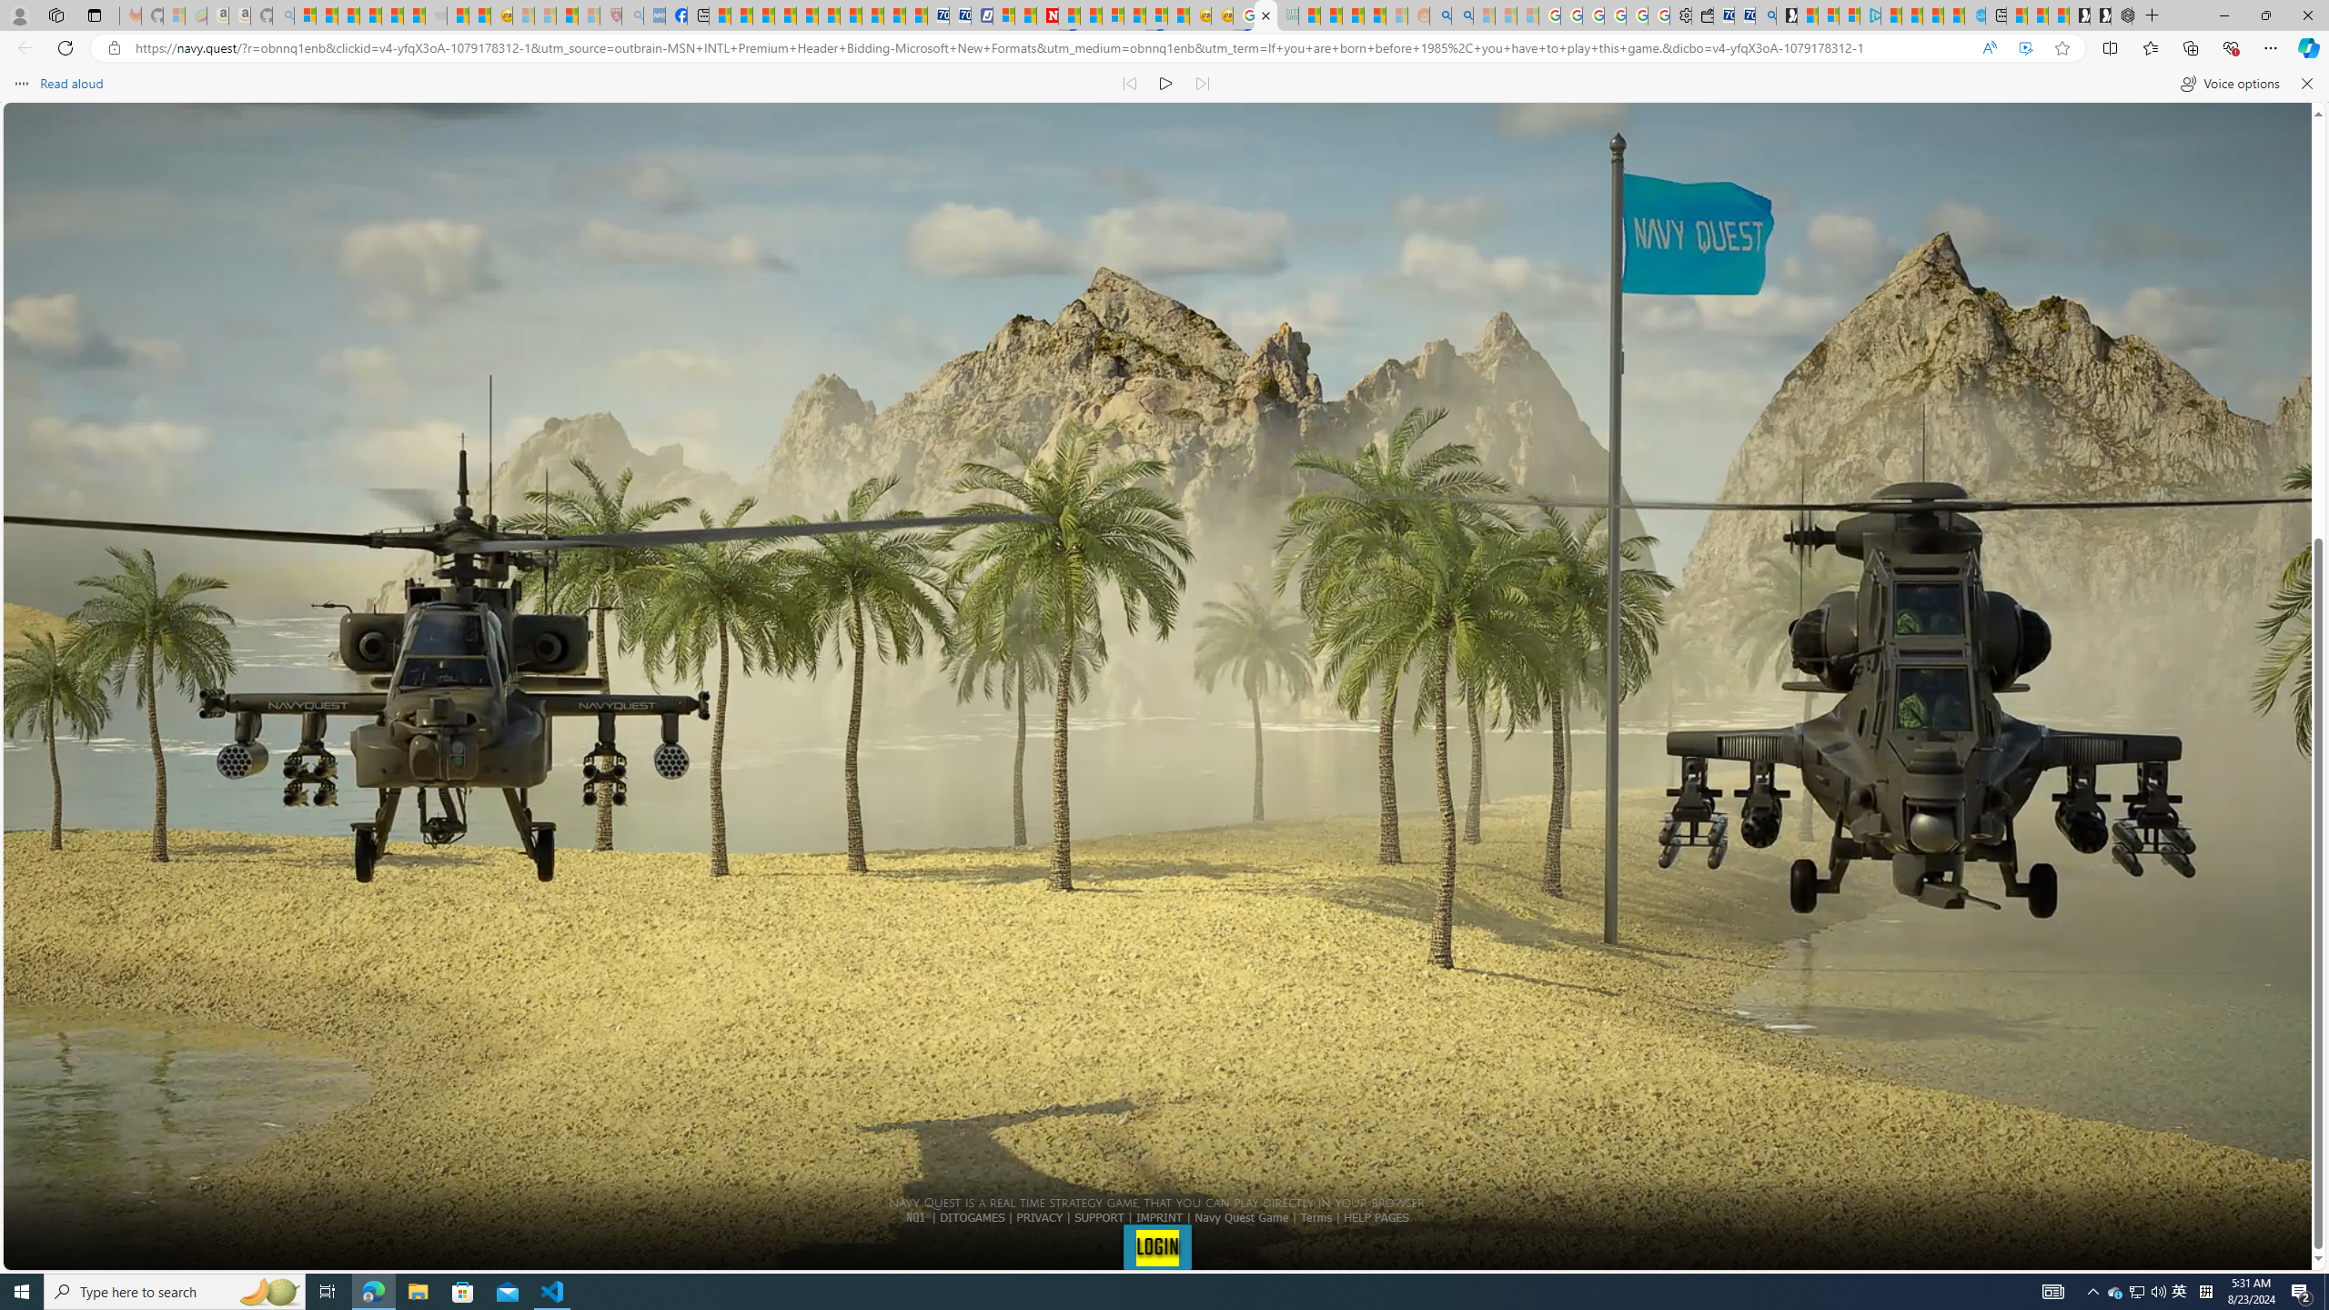 The height and width of the screenshot is (1310, 2329). I want to click on 'Terms', so click(1316, 1215).